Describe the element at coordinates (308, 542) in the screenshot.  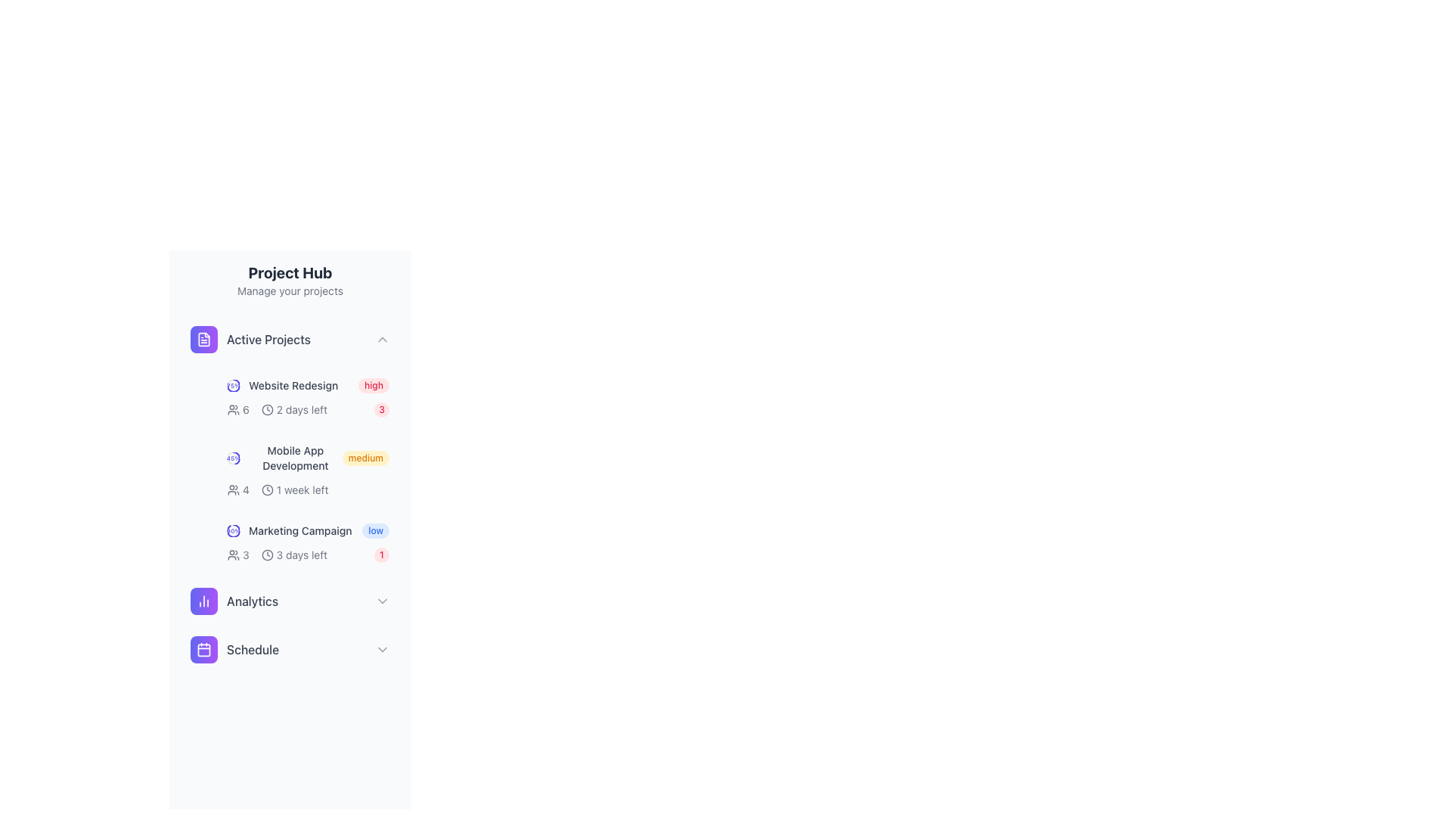
I see `the third 'Marketing Campaign' item card` at that location.